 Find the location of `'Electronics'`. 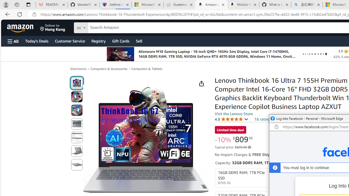

'Electronics' is located at coordinates (78, 68).